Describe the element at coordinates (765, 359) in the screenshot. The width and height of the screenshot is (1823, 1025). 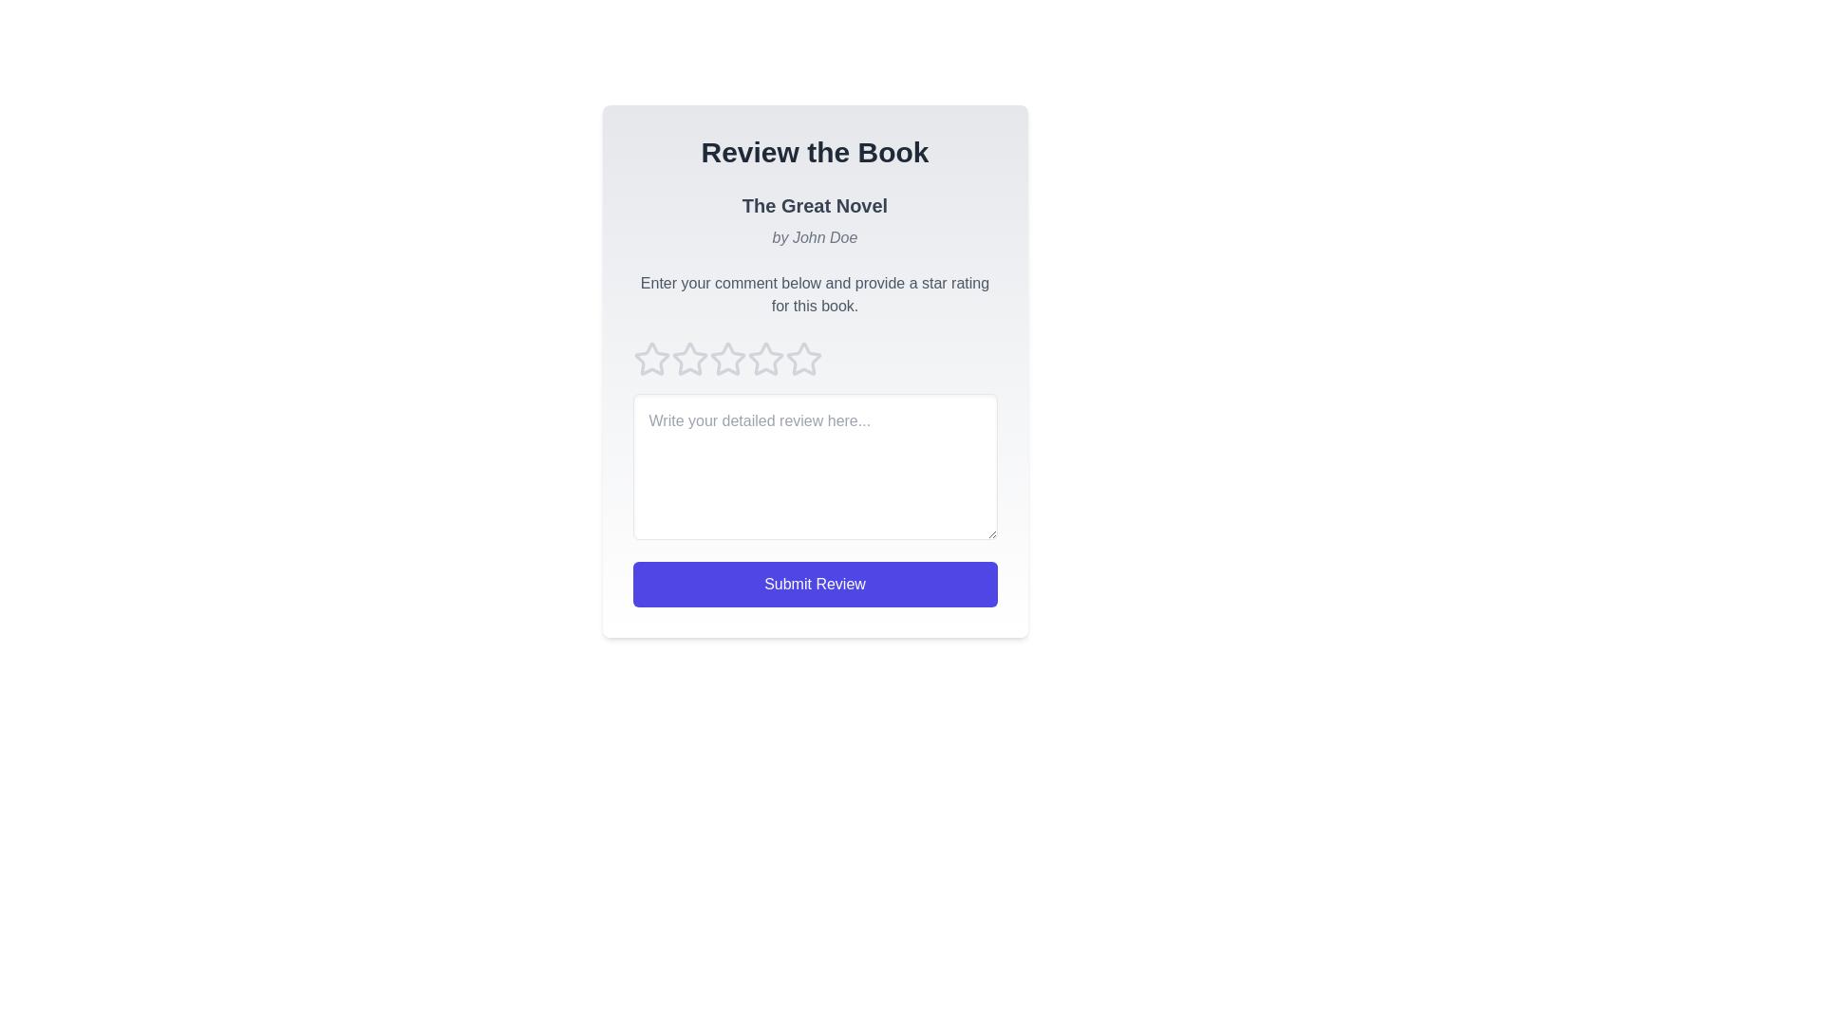
I see `the star icon corresponding to 4 to preview the rating` at that location.